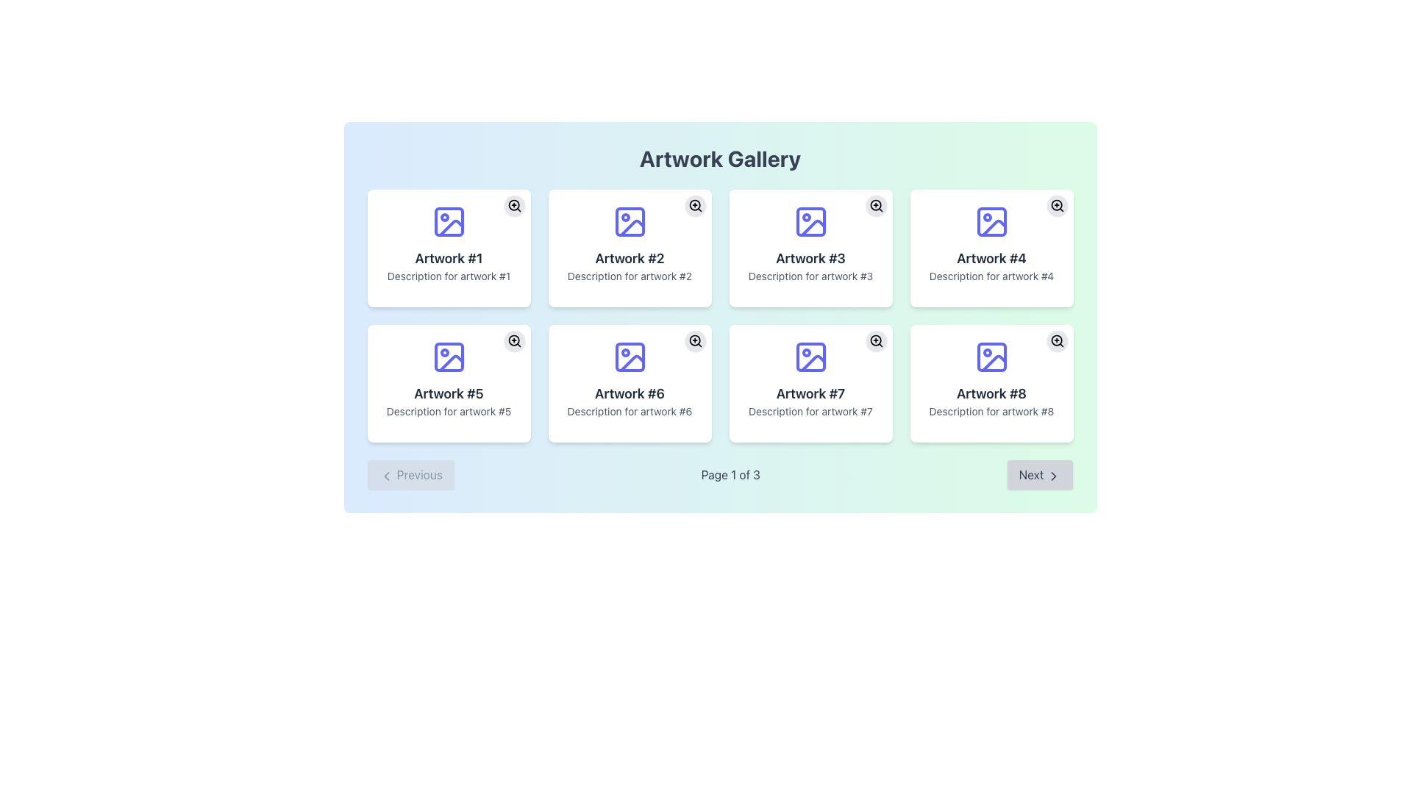 The image size is (1412, 794). Describe the element at coordinates (1055, 205) in the screenshot. I see `the circular component of the zoom-in icon associated with 'Artwork #4' tile in the grid of artworks` at that location.